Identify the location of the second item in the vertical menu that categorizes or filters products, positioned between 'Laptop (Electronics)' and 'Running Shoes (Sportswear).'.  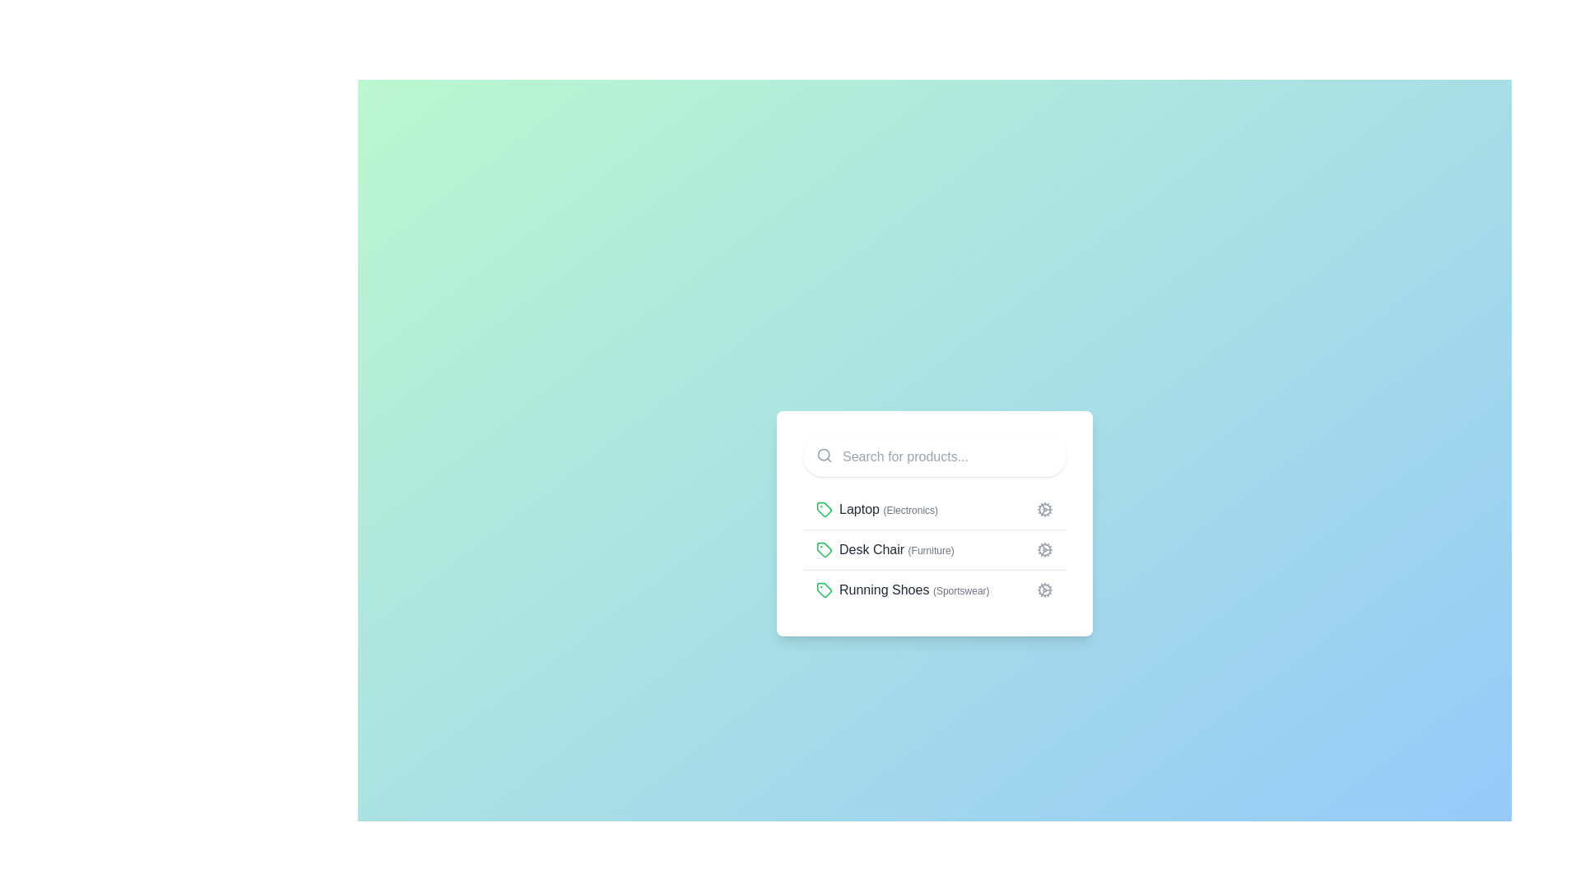
(935, 549).